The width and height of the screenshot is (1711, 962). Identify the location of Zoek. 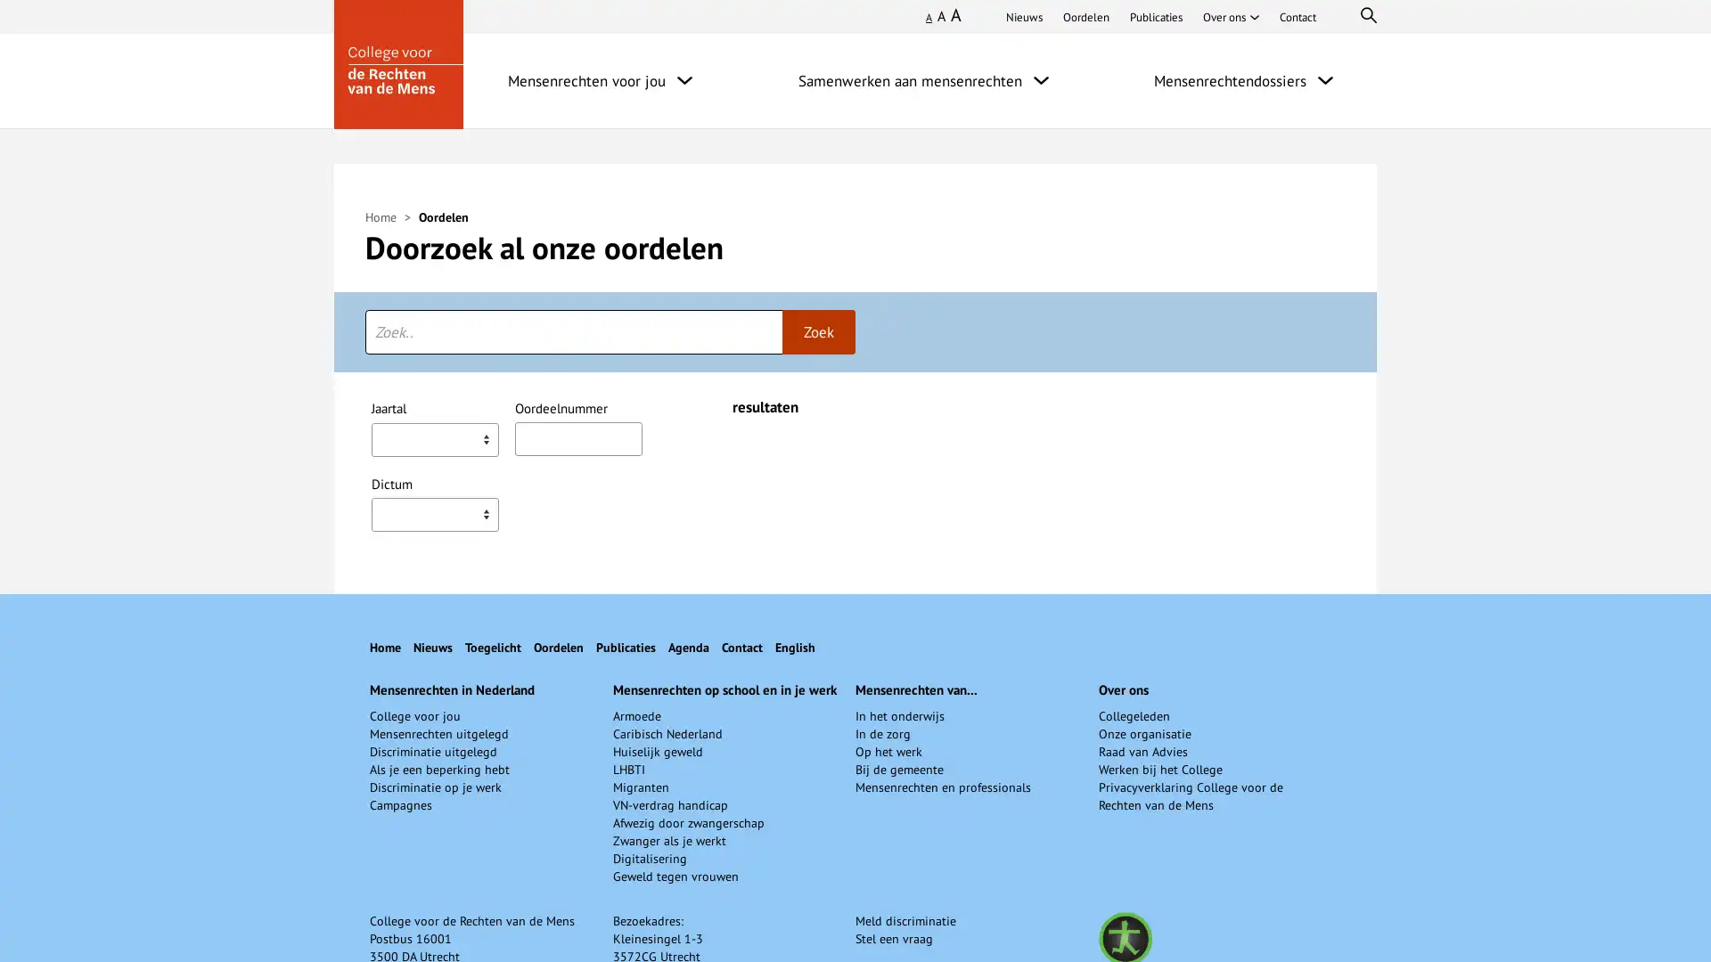
(817, 332).